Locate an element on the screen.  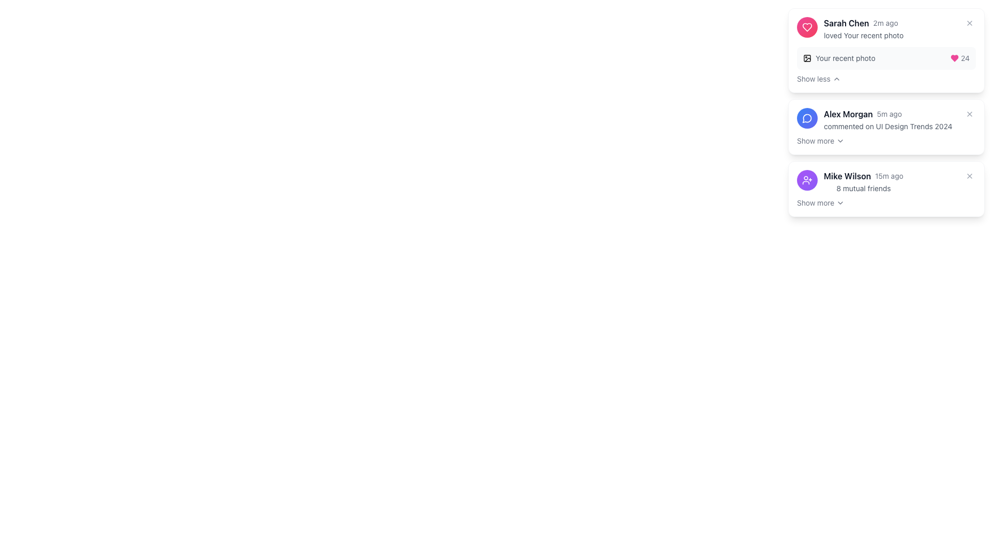
the 'Show more' button with a downward-pointing chevron icon located at the bottom of the notification card for 'Alex Morgan' is located at coordinates (820, 141).